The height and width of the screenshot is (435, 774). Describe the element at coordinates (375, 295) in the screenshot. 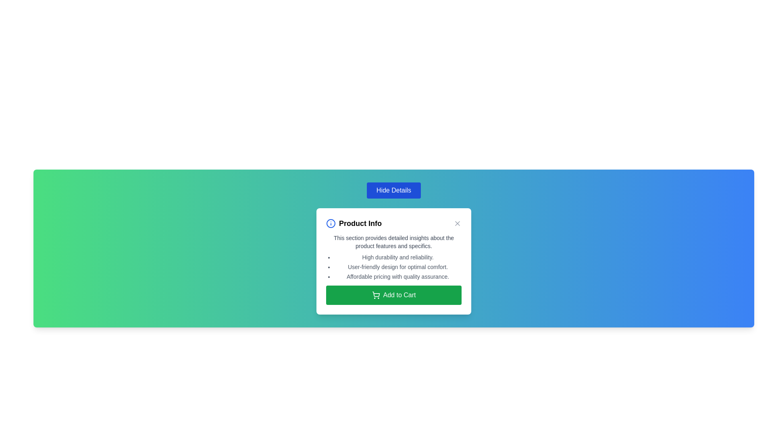

I see `the shopping cart icon located within the 'Add to Cart' button, positioned adjacent to the text label 'Add to Cart'` at that location.